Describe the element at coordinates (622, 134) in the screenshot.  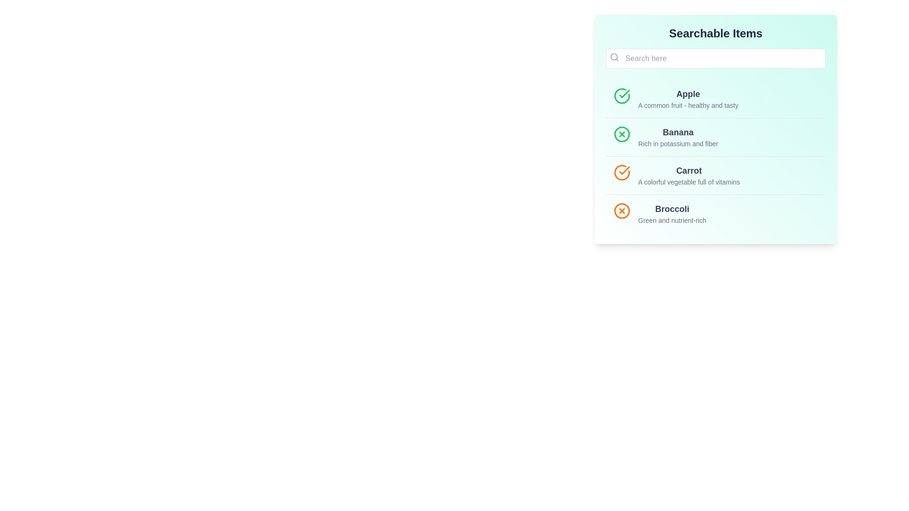
I see `the icon next to the Banana item` at that location.